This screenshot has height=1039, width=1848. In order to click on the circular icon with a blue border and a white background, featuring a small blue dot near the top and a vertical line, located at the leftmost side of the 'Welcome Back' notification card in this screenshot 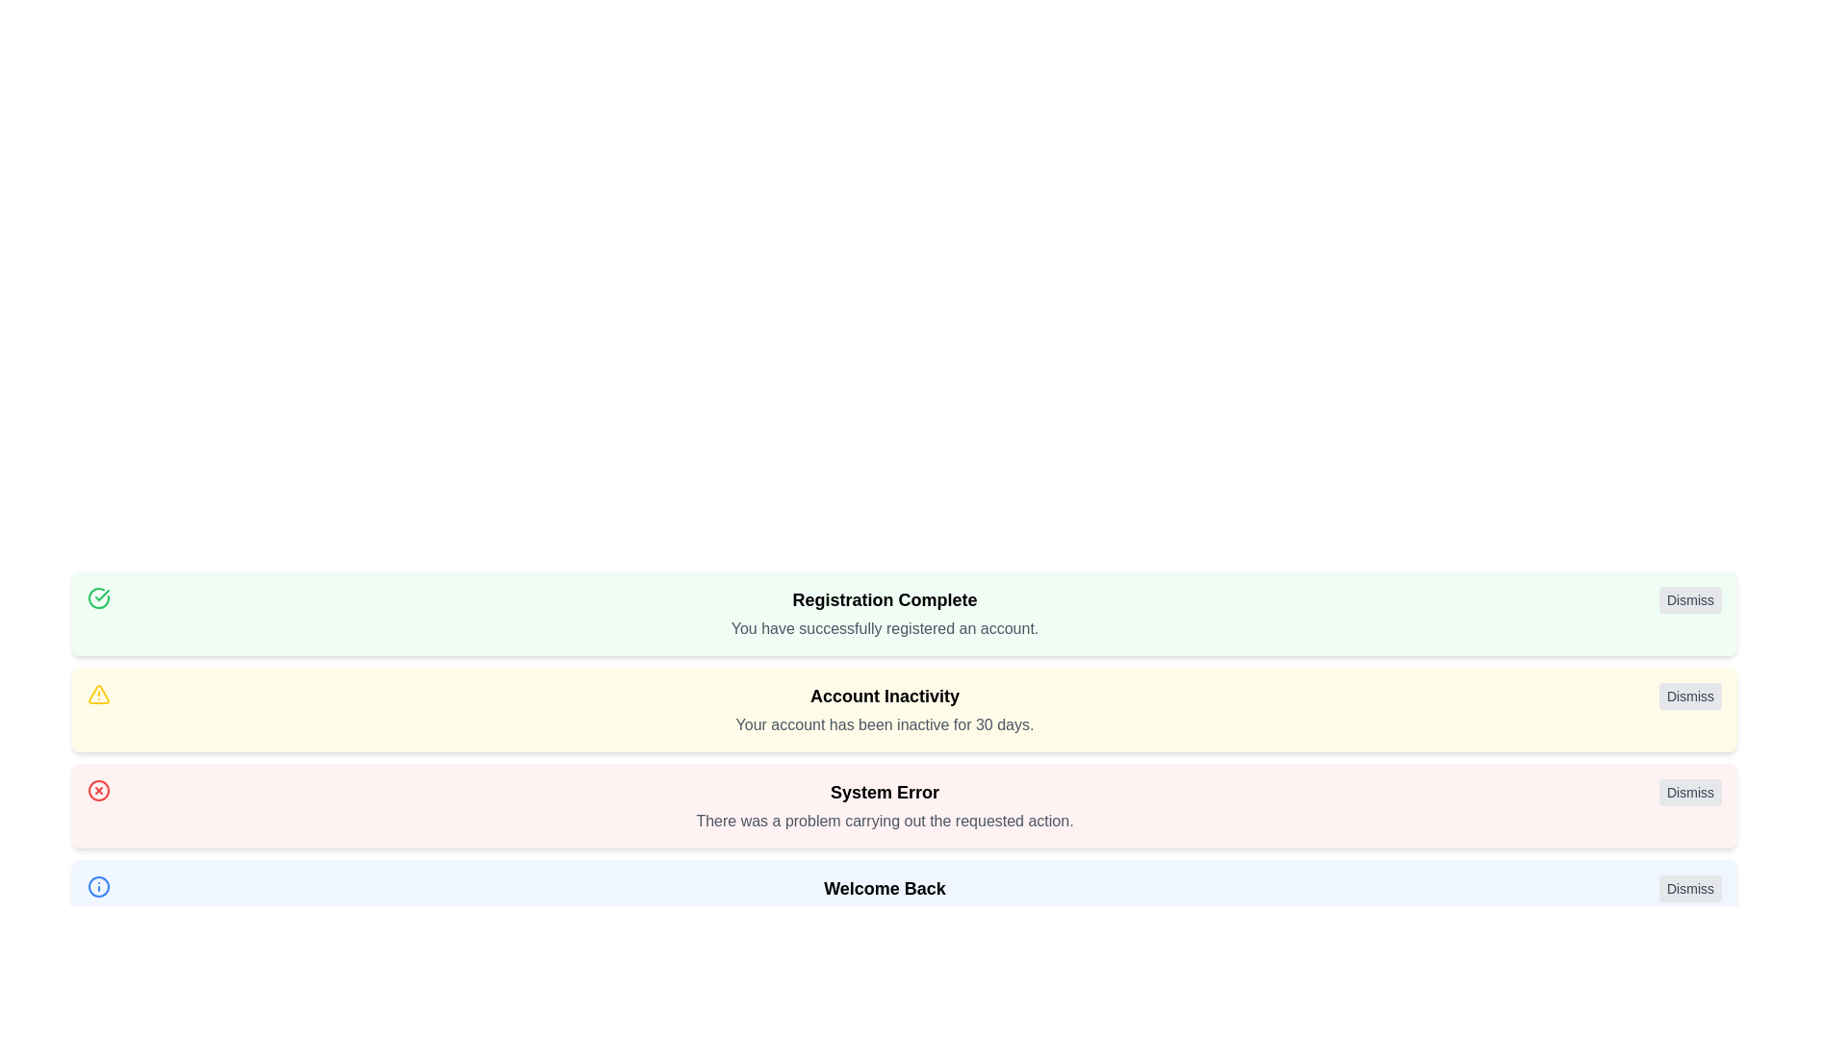, I will do `click(97, 886)`.